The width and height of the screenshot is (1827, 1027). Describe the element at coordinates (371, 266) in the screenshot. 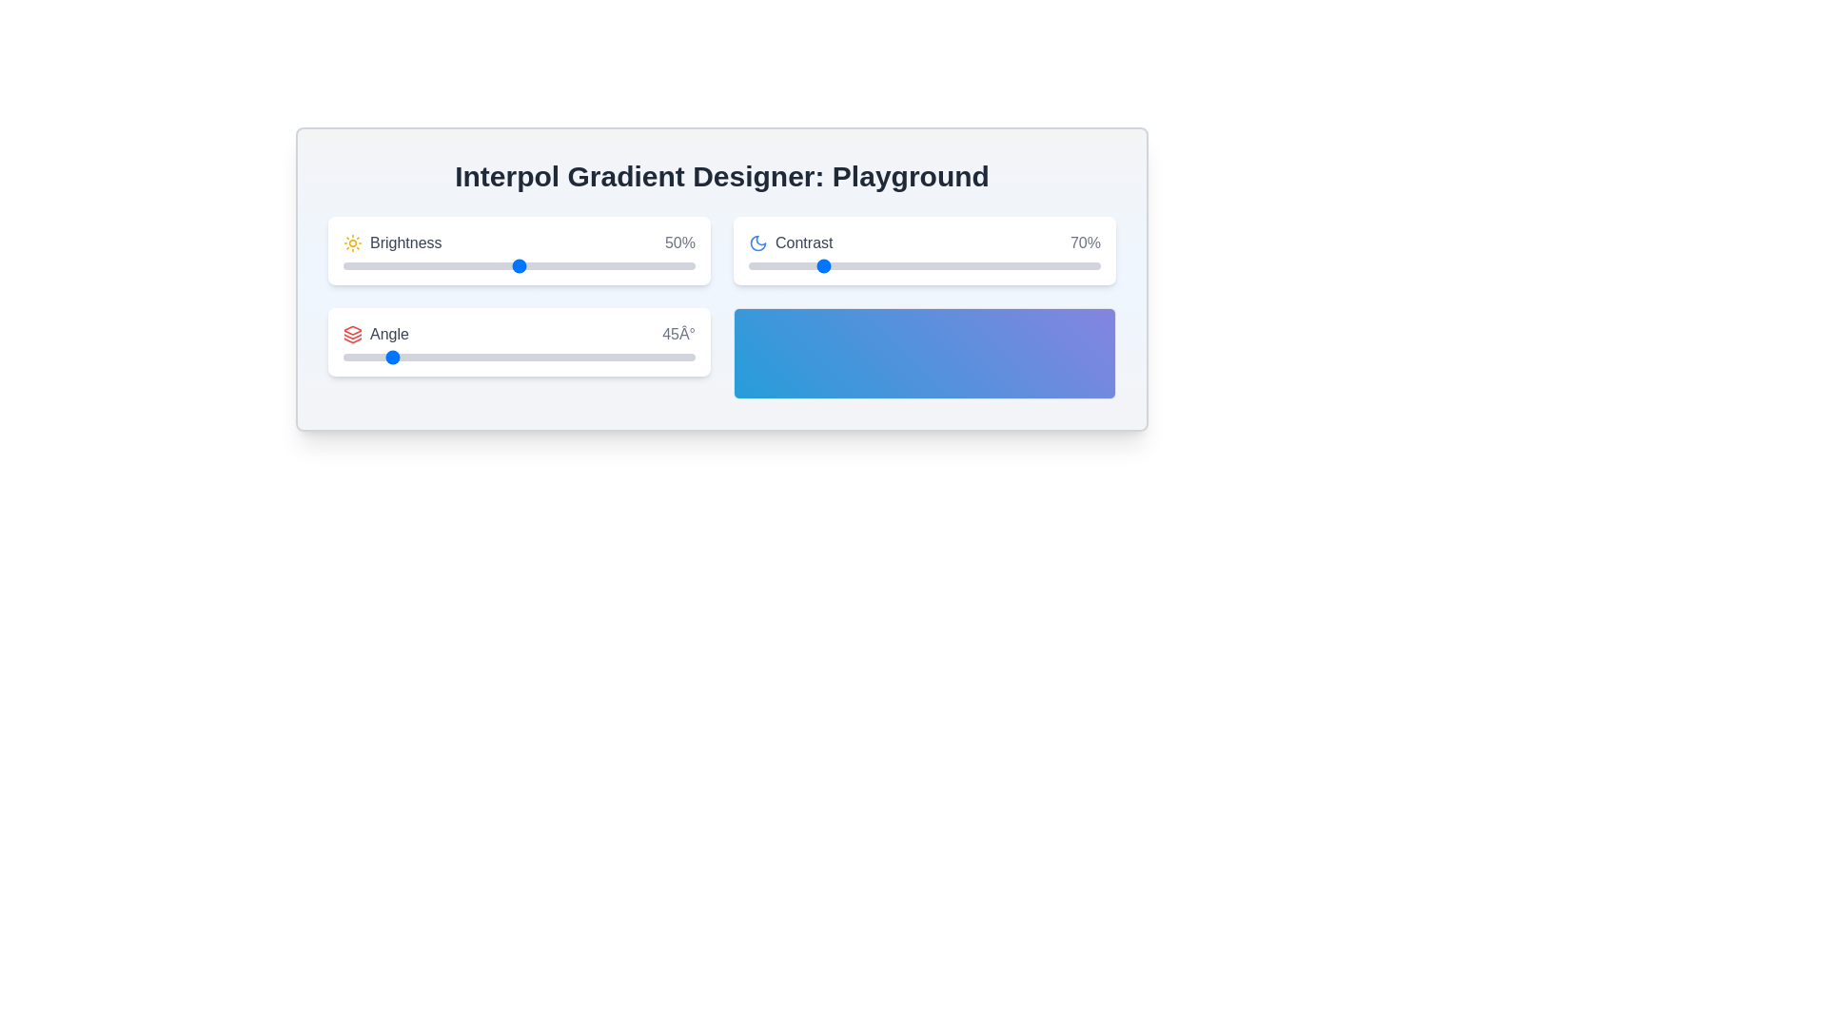

I see `brightness level` at that location.